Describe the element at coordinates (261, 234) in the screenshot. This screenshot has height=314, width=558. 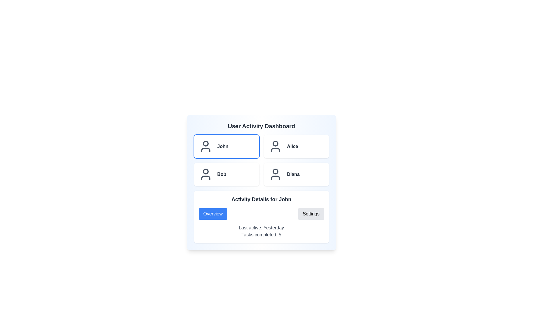
I see `informational text component displaying 'Tasks completed: 5', which is styled in gray and located beneath 'Last active: Yesterday' in the 'Activity Details for John' section` at that location.